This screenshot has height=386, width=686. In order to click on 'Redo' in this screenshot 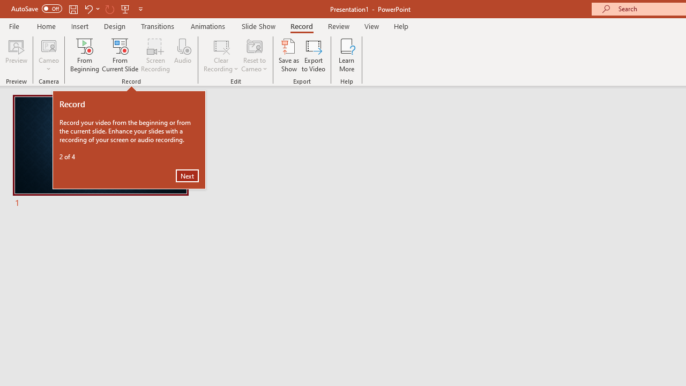, I will do `click(109, 9)`.